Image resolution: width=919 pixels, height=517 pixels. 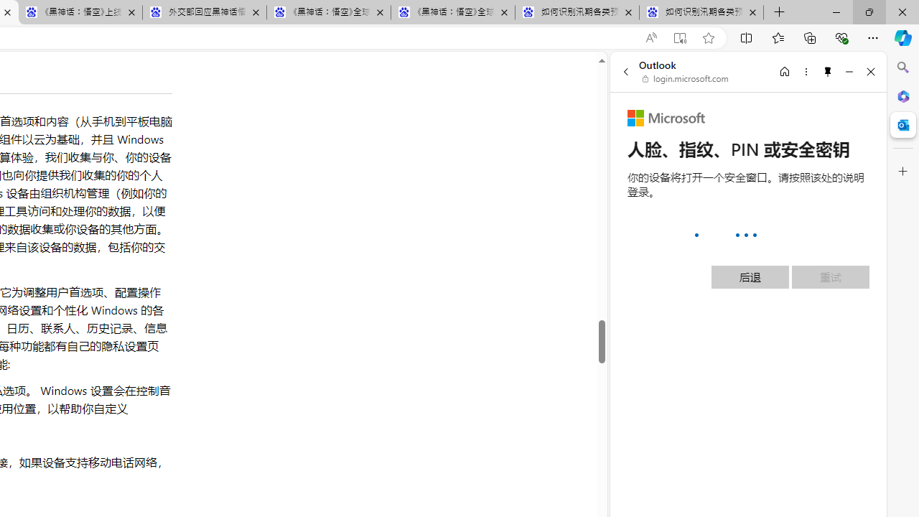 I want to click on 'Microsoft', so click(x=666, y=118).